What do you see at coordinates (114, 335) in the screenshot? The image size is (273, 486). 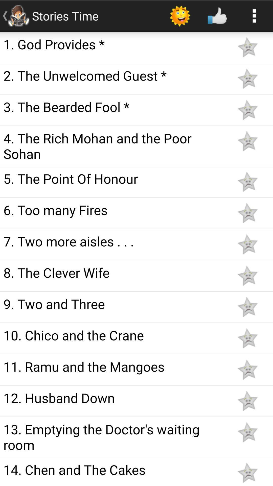 I see `10 chico and item` at bounding box center [114, 335].